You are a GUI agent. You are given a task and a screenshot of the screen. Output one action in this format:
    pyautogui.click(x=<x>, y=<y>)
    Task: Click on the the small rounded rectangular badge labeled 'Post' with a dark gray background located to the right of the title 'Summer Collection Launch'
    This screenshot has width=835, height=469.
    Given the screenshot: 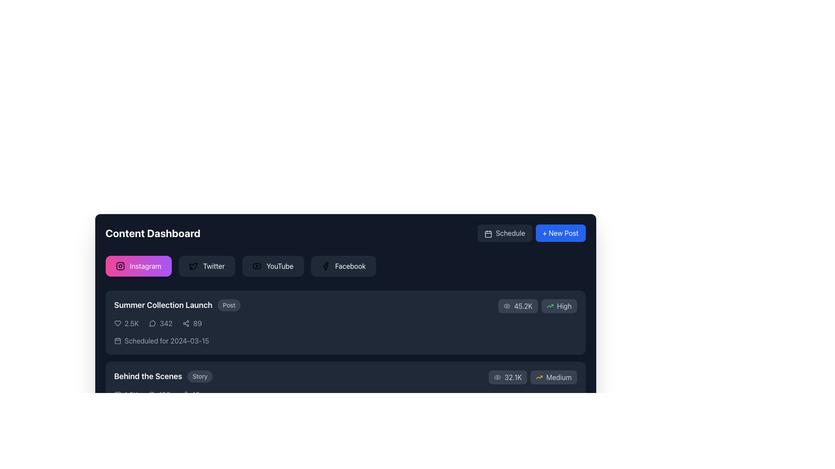 What is the action you would take?
    pyautogui.click(x=229, y=304)
    